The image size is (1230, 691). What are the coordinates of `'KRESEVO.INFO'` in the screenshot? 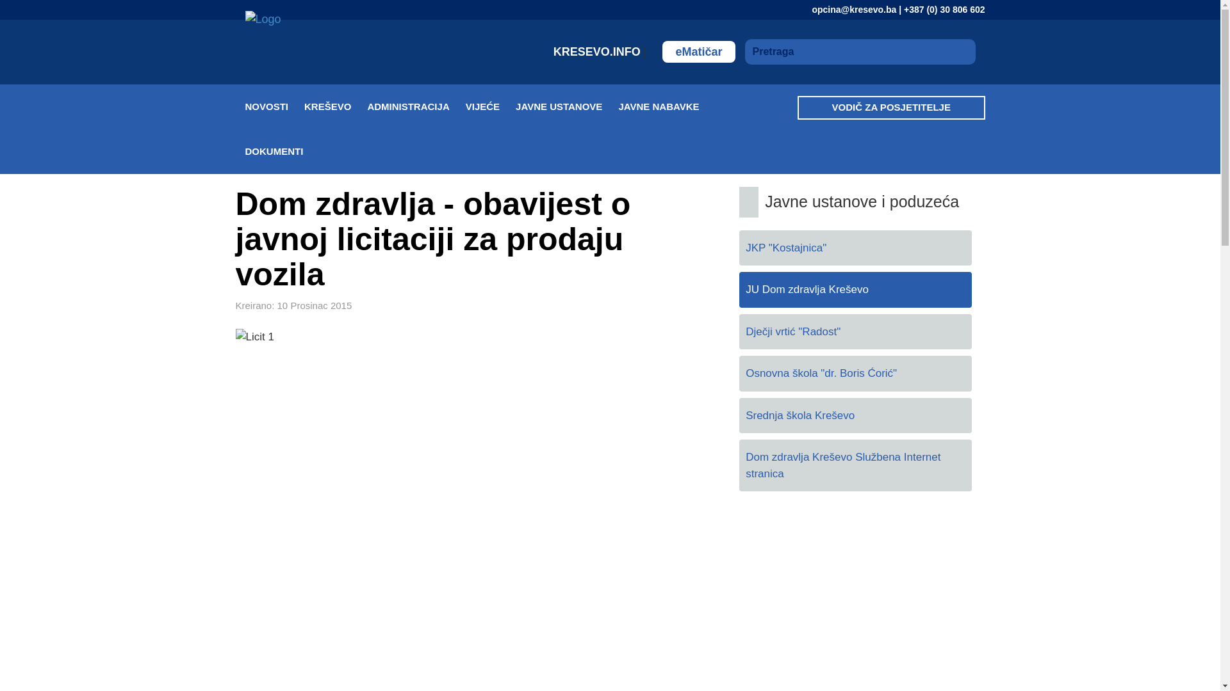 It's located at (598, 51).